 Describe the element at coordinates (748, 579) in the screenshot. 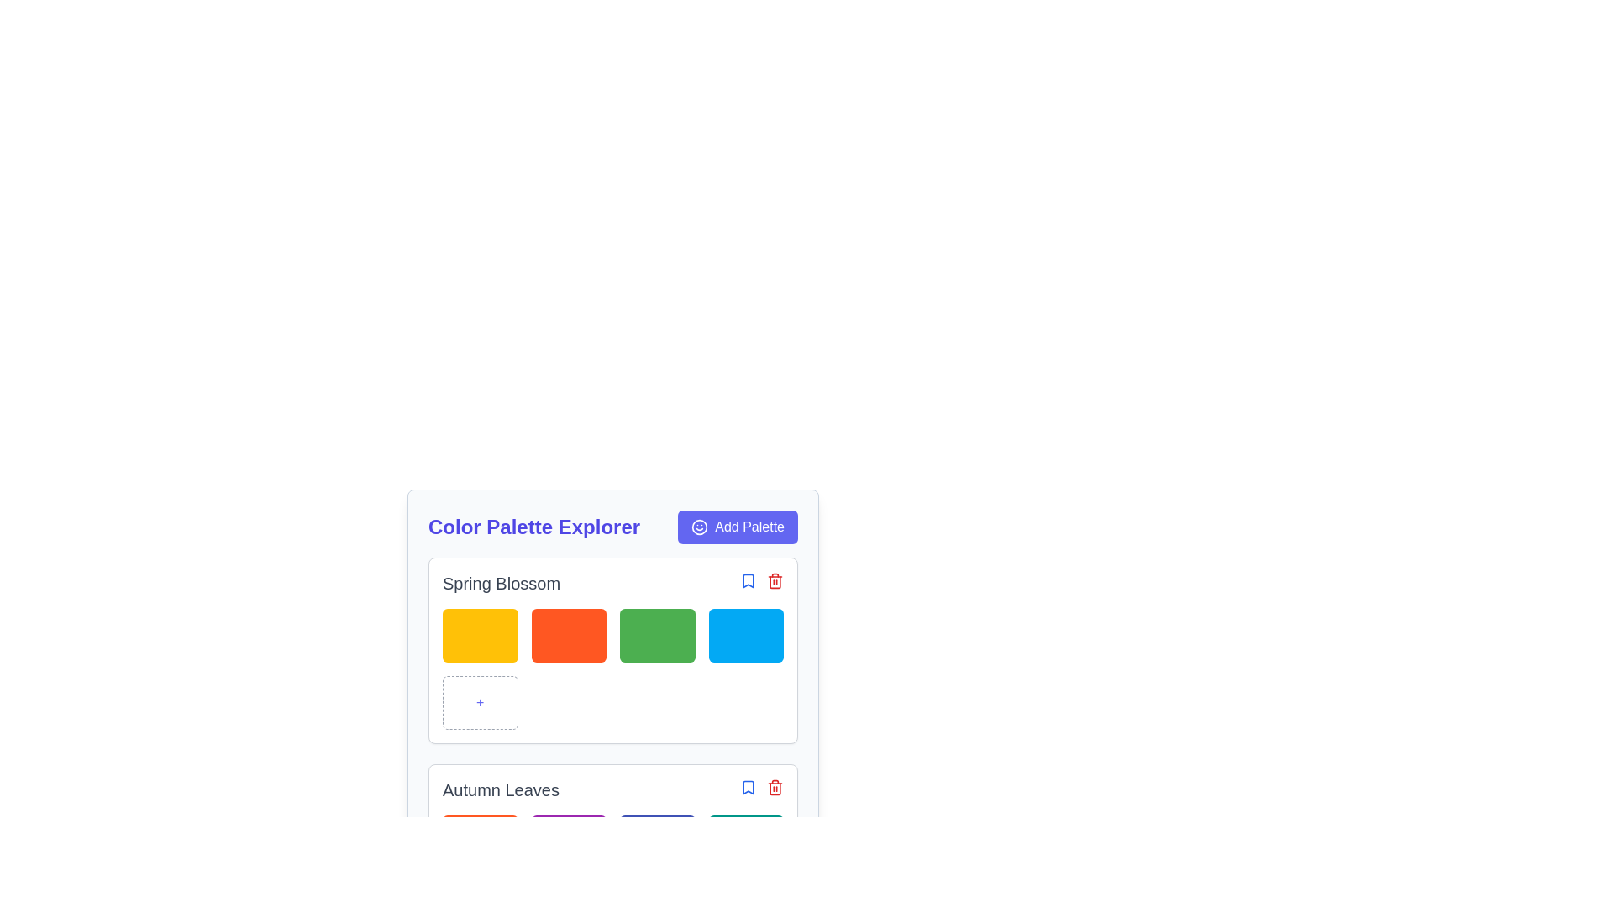

I see `the blue bookmark icon button located in the top-right corner of the 'Spring Blossom' palette section` at that location.